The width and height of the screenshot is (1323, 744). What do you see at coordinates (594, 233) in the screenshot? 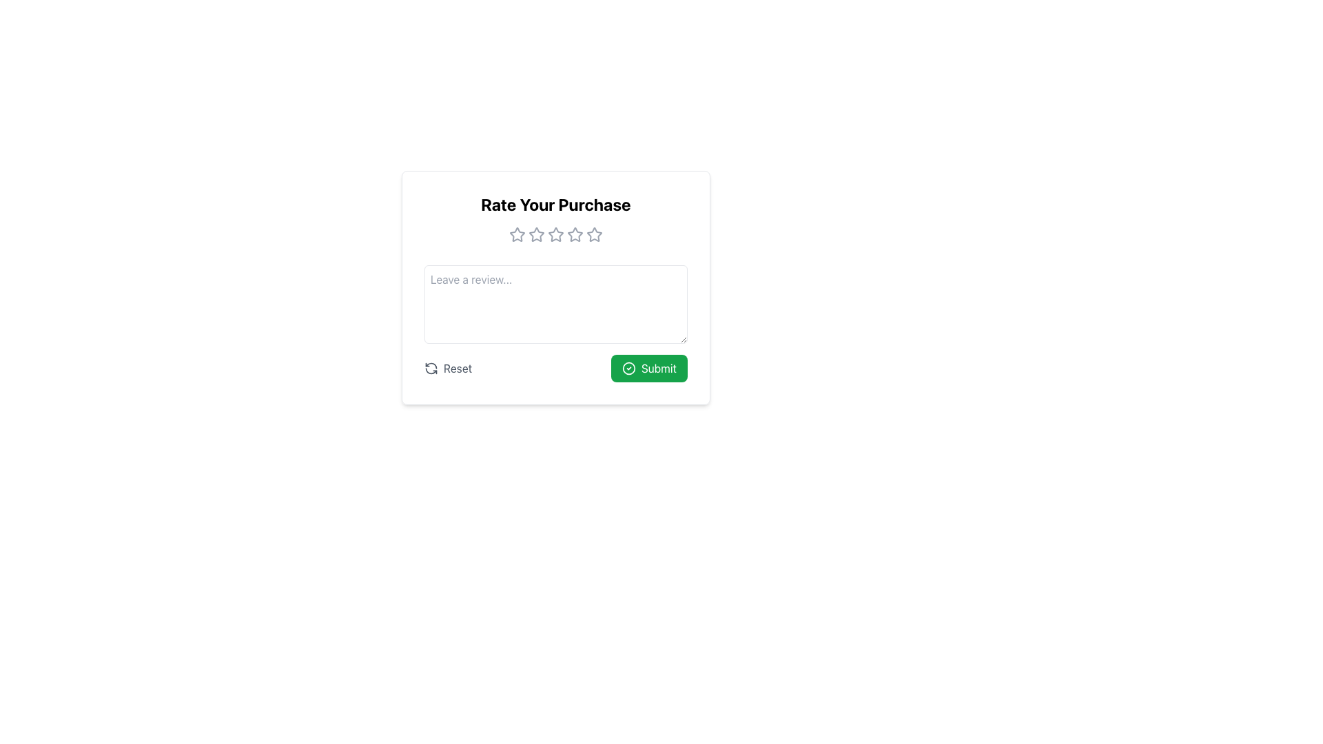
I see `the fifth star in the rating input` at bounding box center [594, 233].